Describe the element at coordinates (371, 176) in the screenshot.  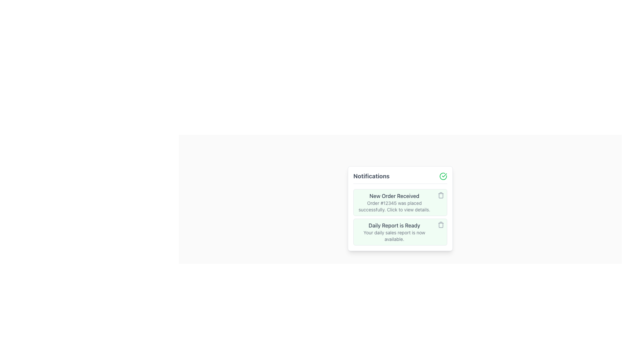
I see `the 'Notifications' text label, which is styled with a larger, bold, gray-colored font and positioned at the top of a card-like interface` at that location.